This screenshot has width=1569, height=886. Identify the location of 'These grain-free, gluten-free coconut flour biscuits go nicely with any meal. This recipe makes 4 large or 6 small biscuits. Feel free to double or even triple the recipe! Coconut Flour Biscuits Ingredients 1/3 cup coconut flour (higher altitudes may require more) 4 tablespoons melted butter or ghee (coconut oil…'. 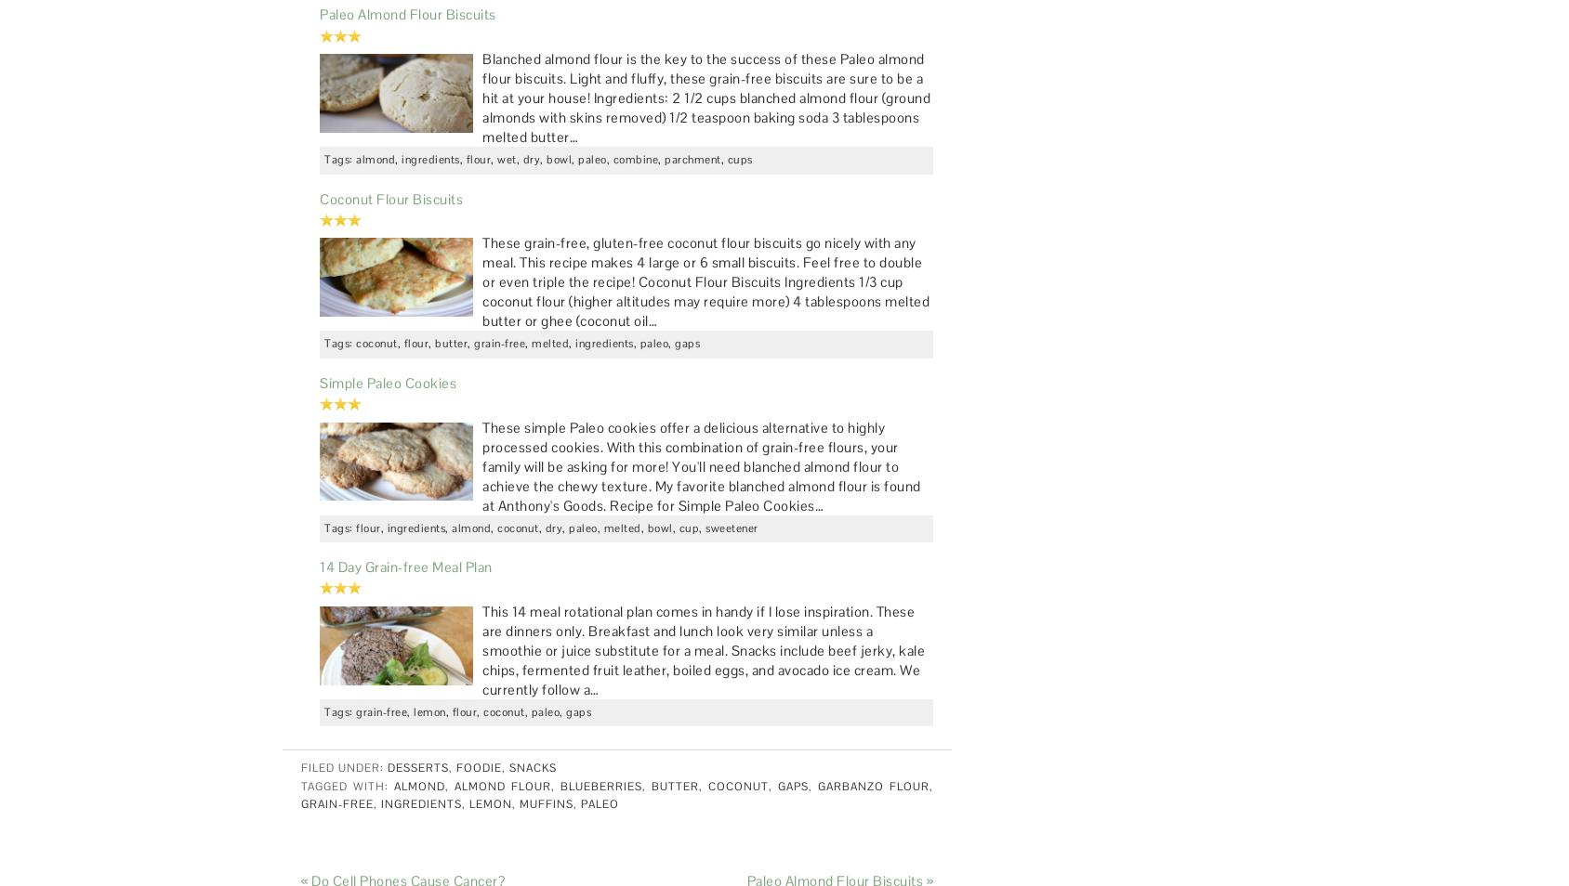
(705, 281).